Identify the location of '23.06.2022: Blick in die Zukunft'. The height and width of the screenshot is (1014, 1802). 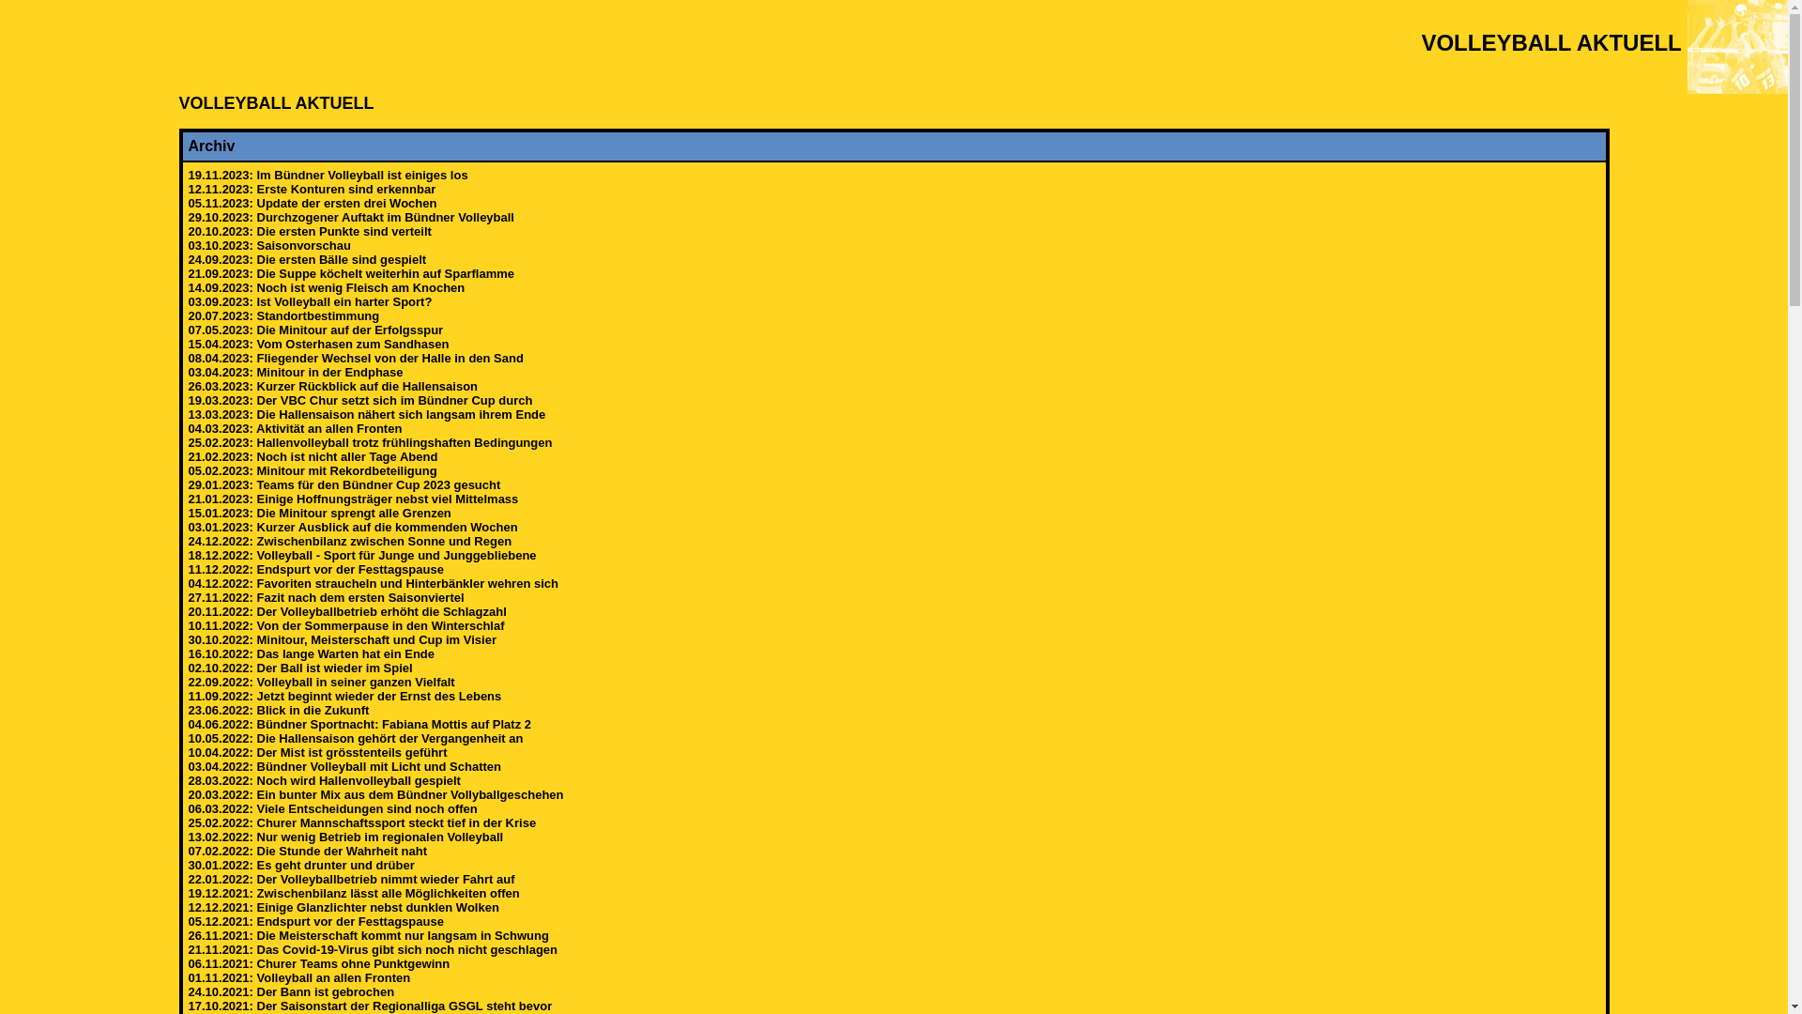
(277, 710).